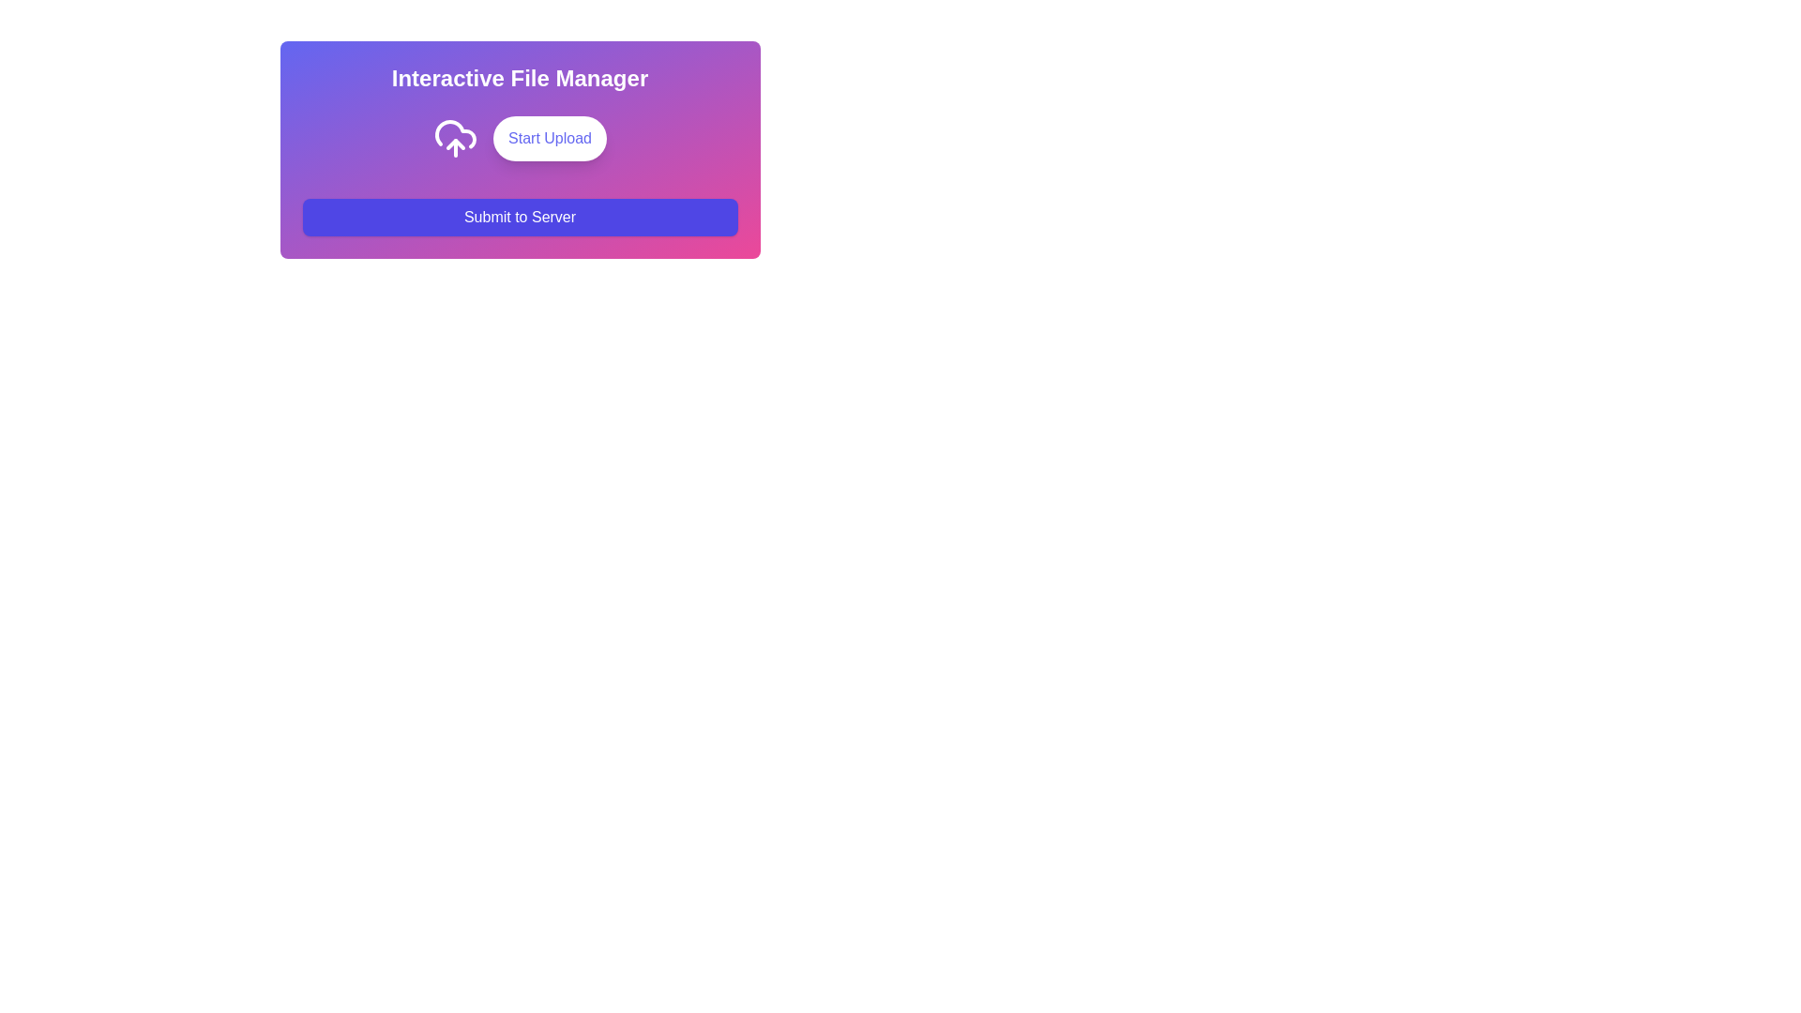  What do you see at coordinates (520, 137) in the screenshot?
I see `the upload button located below the 'Interactive File Manager' heading to observe any effects` at bounding box center [520, 137].